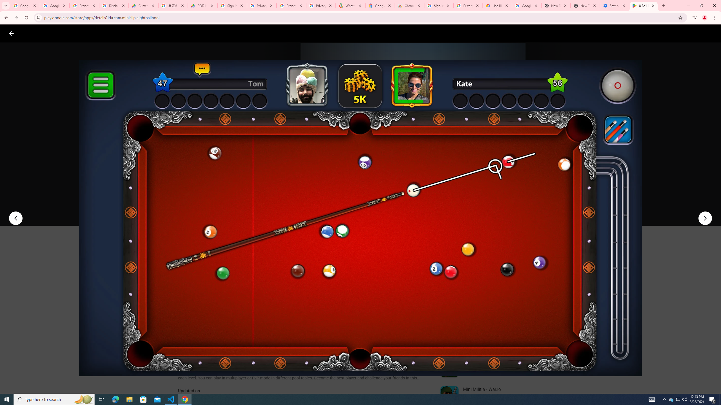 This screenshot has width=721, height=405. Describe the element at coordinates (291, 5) in the screenshot. I see `'Privacy Checkup'` at that location.